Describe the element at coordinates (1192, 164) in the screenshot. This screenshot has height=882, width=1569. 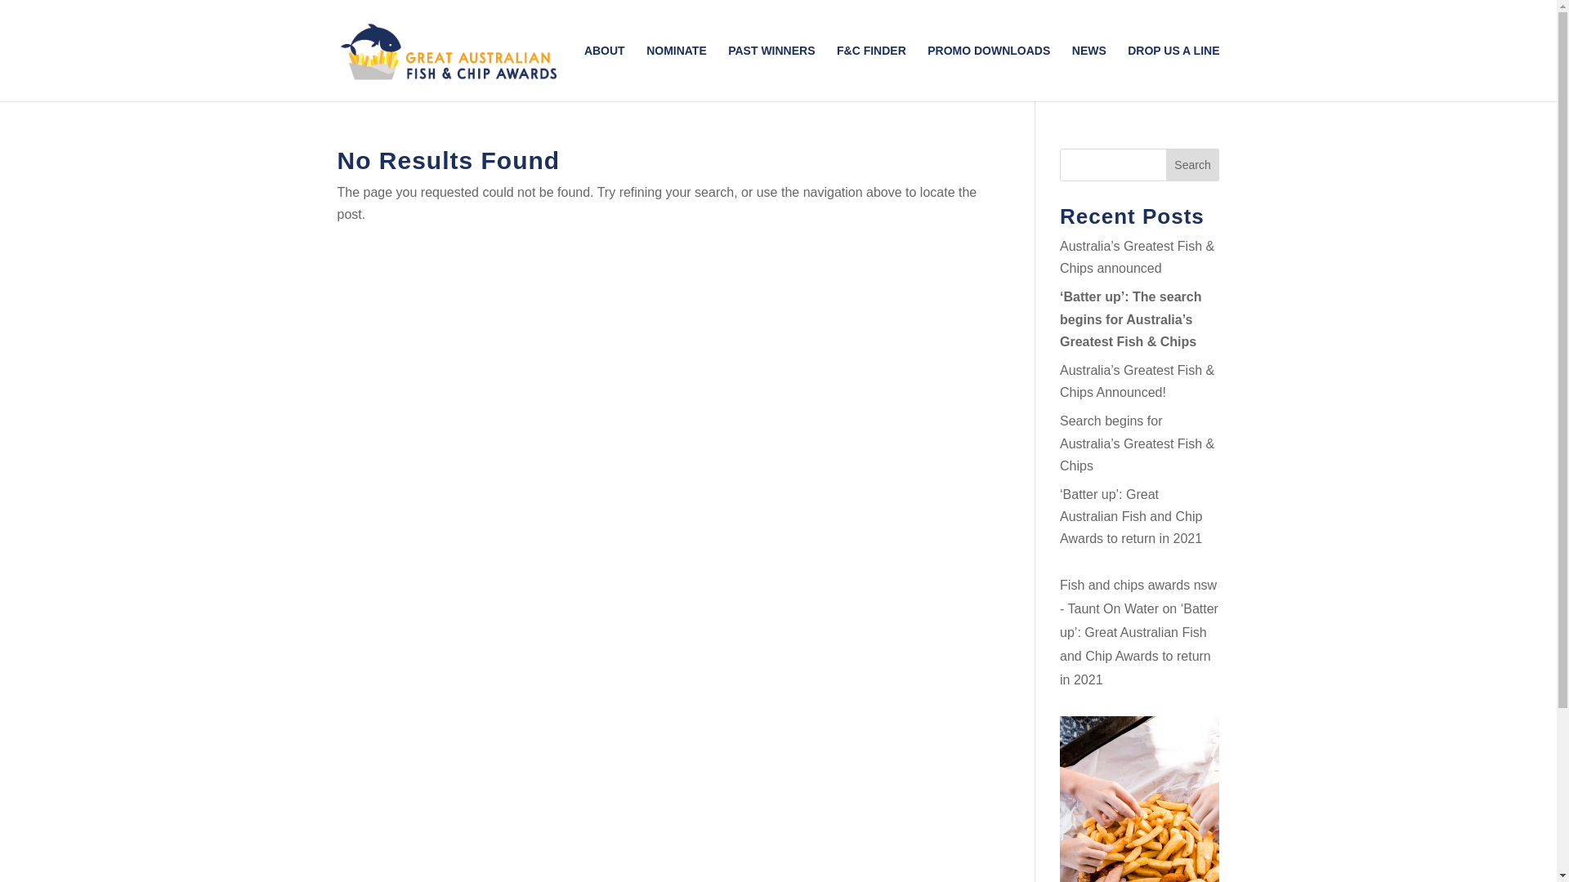
I see `'Search'` at that location.